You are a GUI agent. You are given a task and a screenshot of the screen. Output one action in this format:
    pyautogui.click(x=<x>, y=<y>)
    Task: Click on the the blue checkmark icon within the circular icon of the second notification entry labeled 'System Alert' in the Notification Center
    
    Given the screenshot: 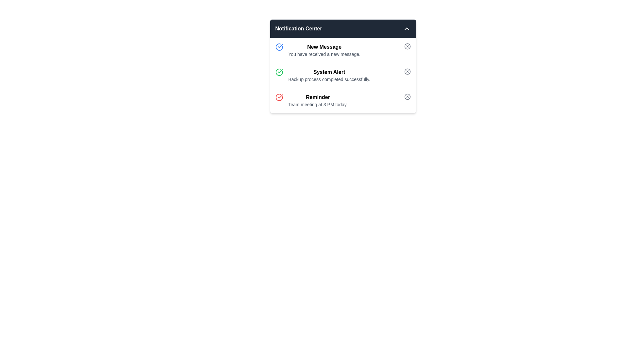 What is the action you would take?
    pyautogui.click(x=280, y=46)
    